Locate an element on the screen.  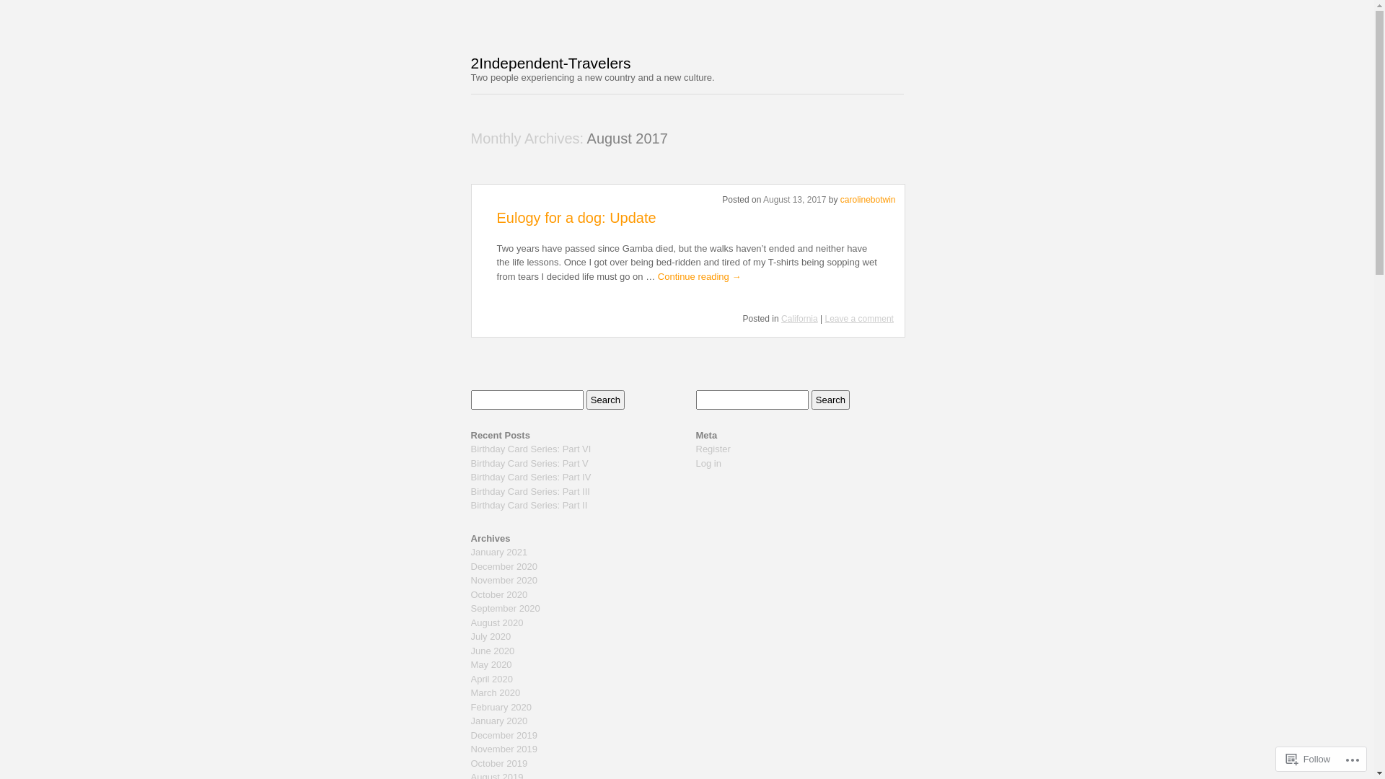
'Log in' is located at coordinates (708, 463).